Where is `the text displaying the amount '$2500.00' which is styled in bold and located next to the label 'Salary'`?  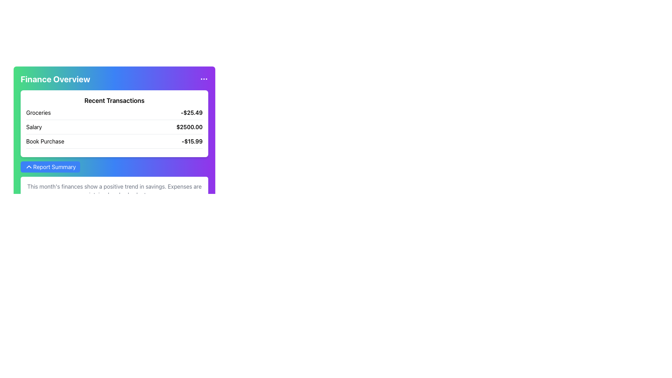
the text displaying the amount '$2500.00' which is styled in bold and located next to the label 'Salary' is located at coordinates (189, 127).